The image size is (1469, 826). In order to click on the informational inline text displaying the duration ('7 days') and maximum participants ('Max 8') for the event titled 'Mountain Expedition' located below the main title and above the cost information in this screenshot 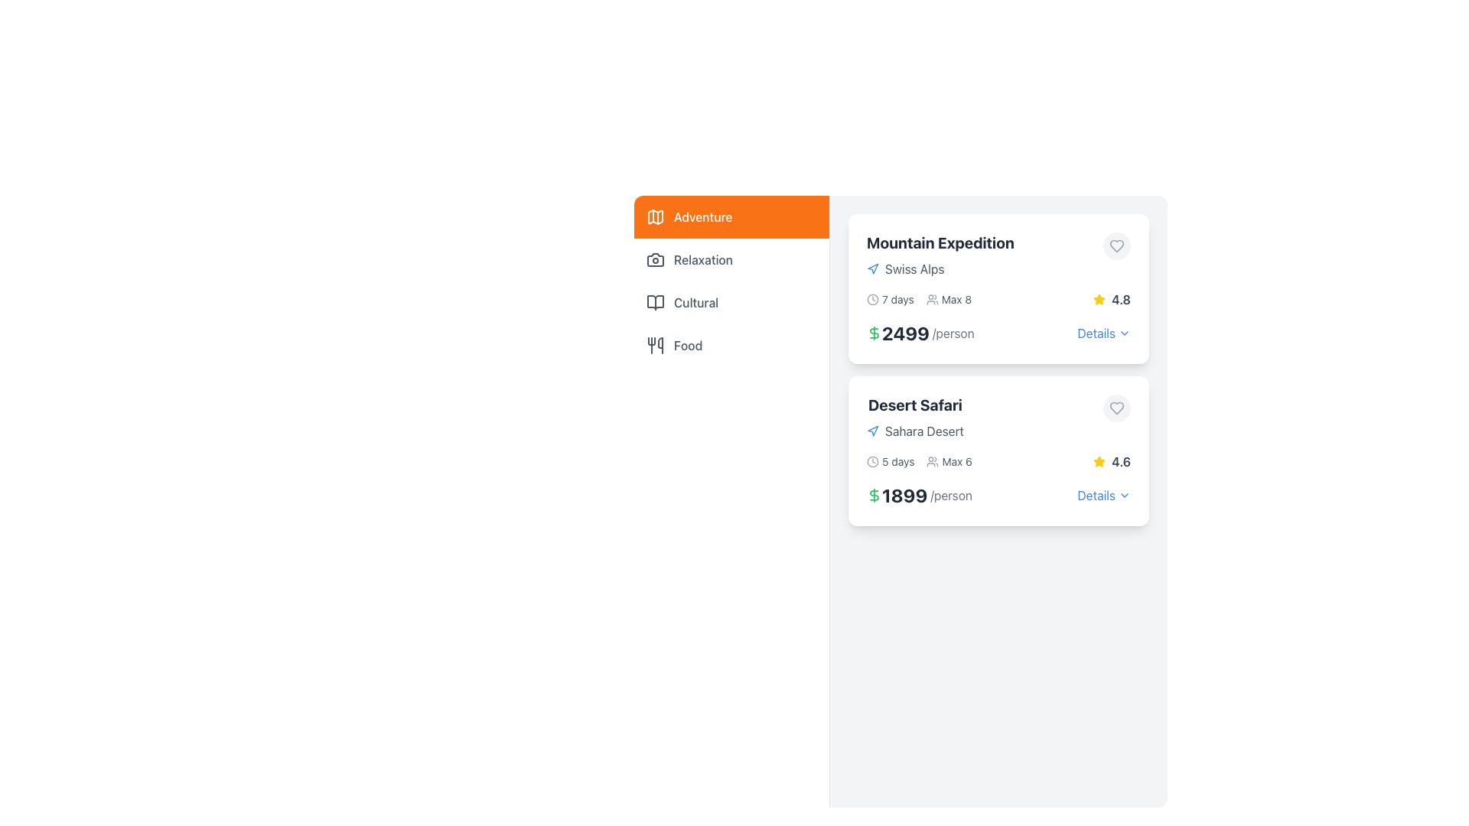, I will do `click(918, 300)`.